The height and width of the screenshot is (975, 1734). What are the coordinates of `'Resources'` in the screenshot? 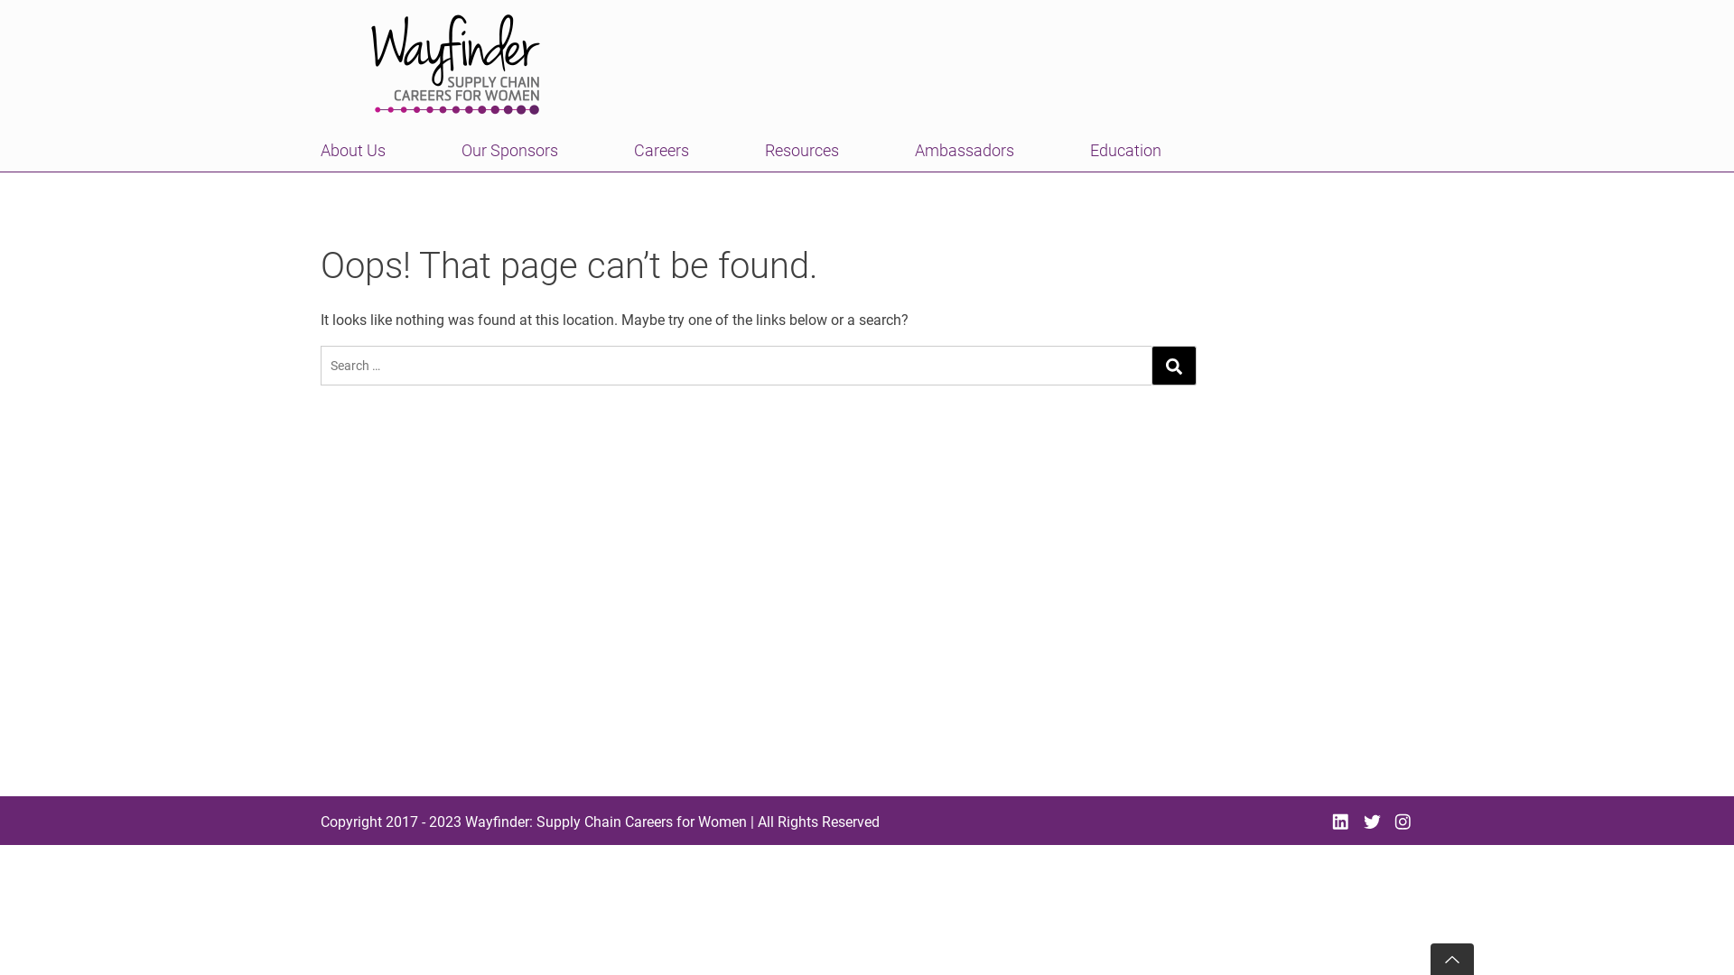 It's located at (801, 149).